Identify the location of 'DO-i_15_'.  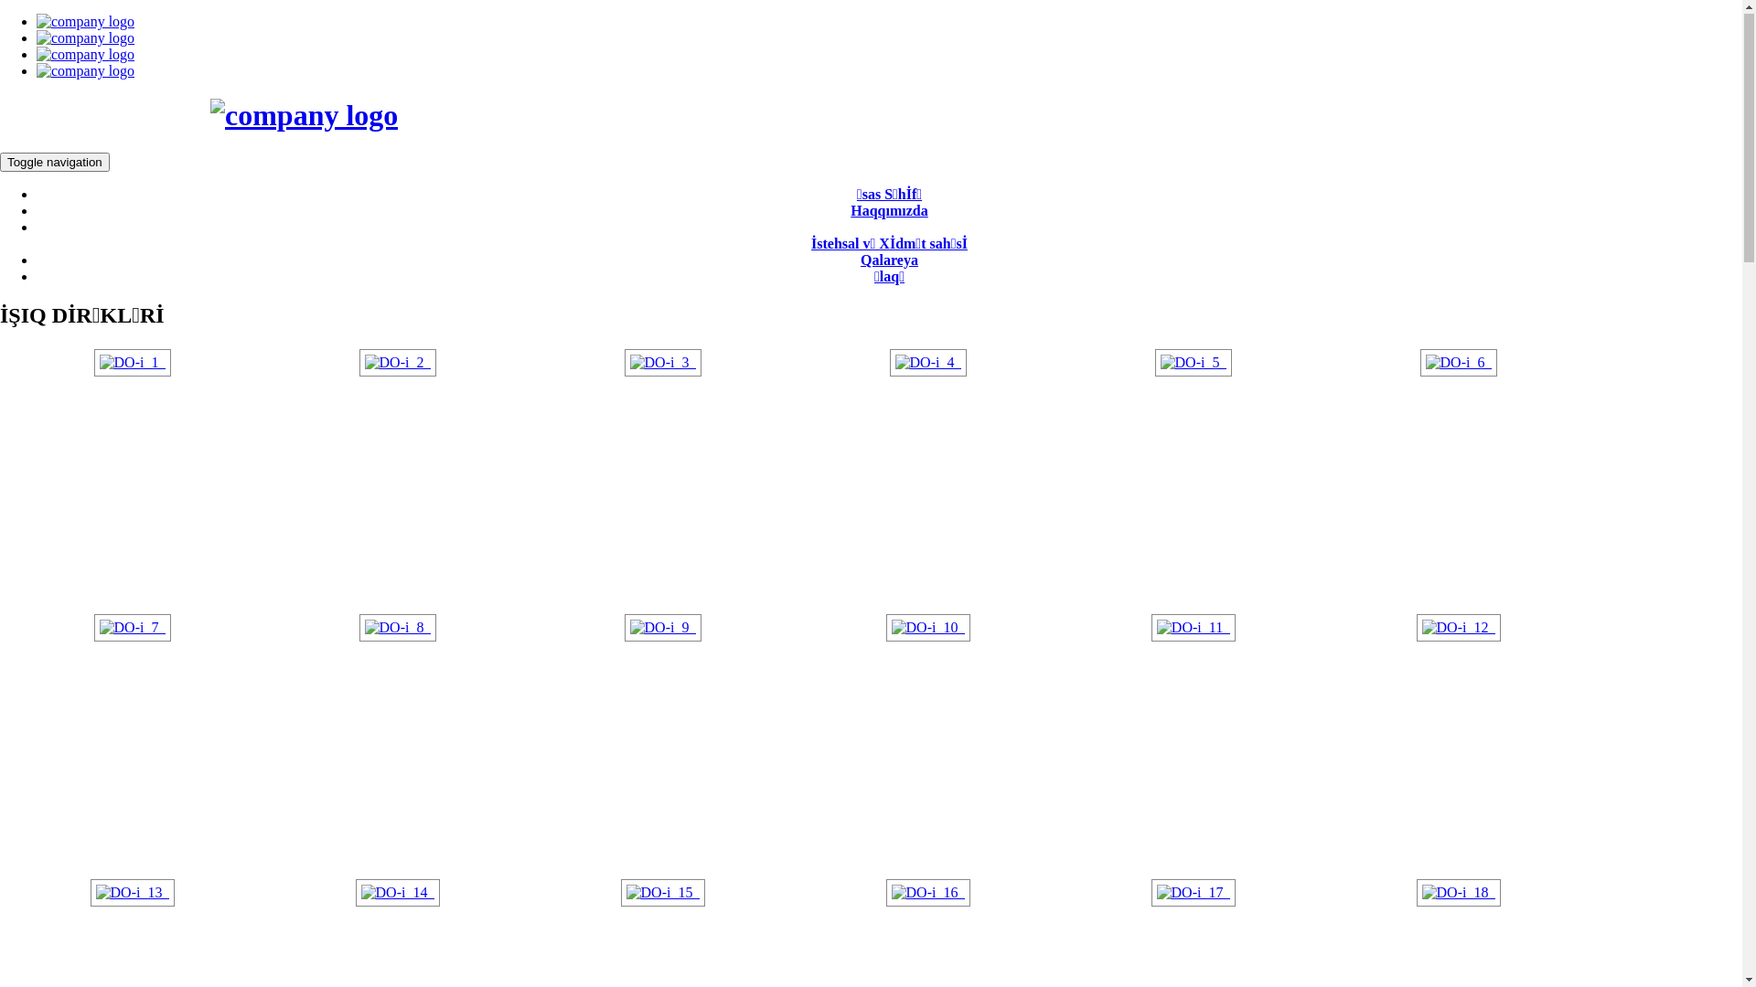
(662, 892).